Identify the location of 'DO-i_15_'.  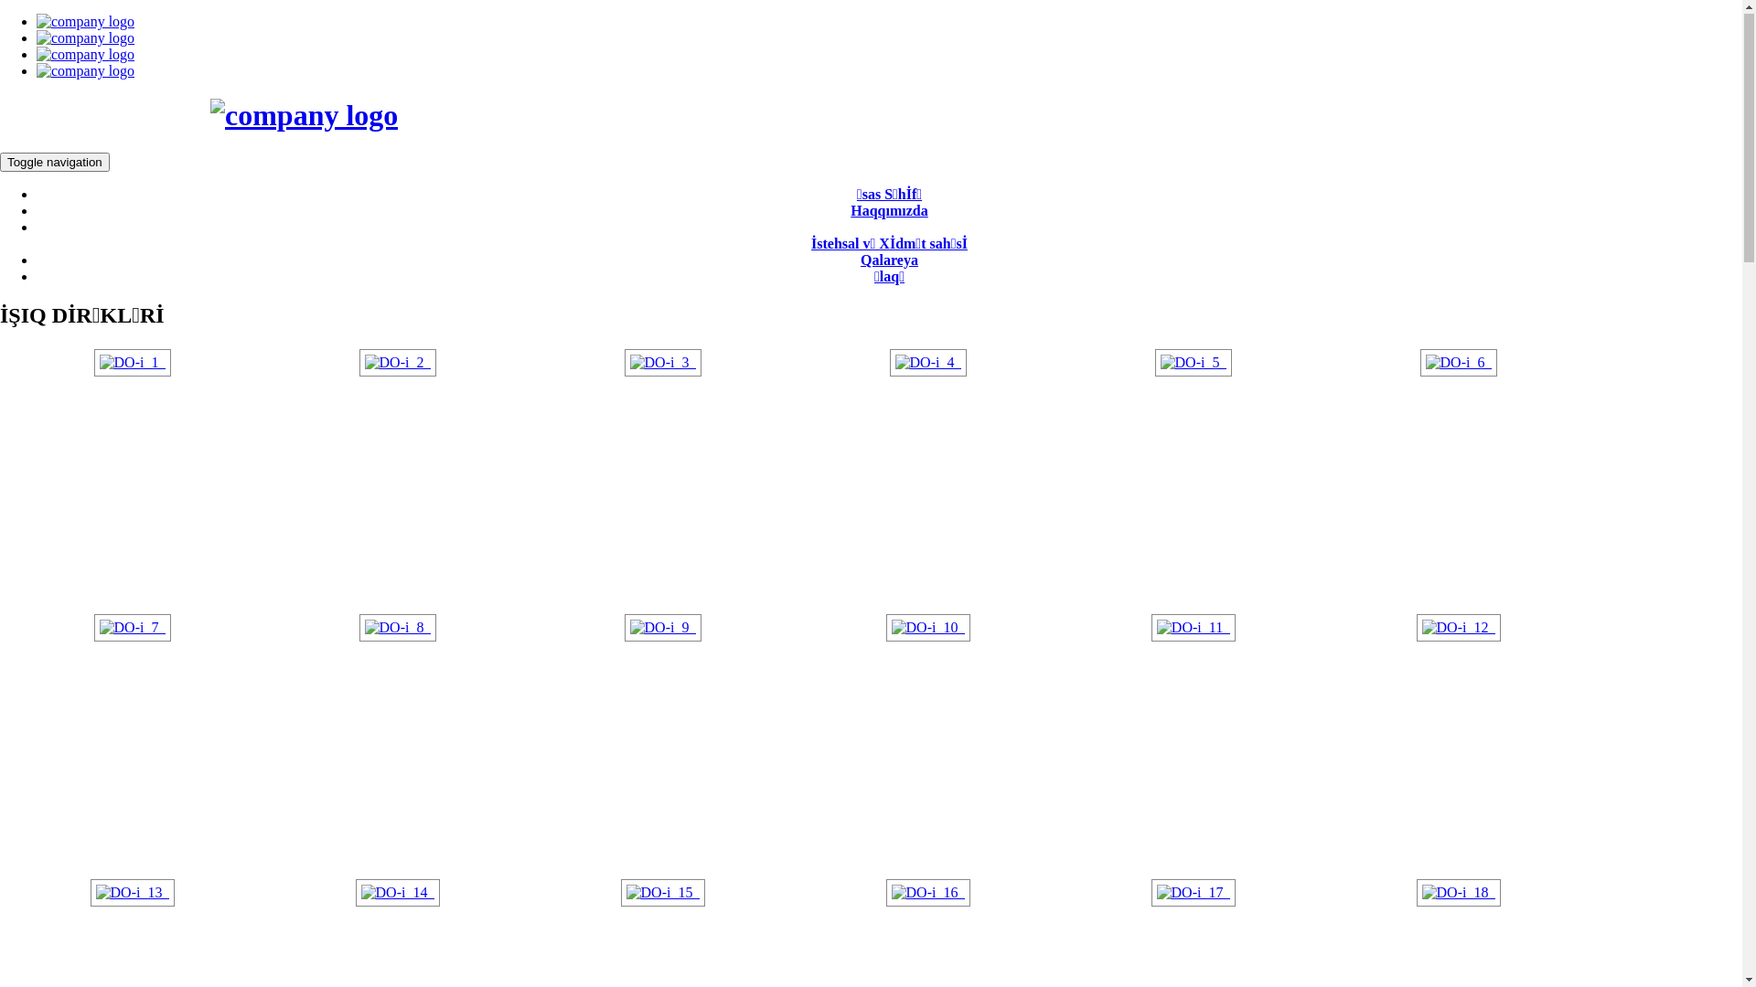
(662, 892).